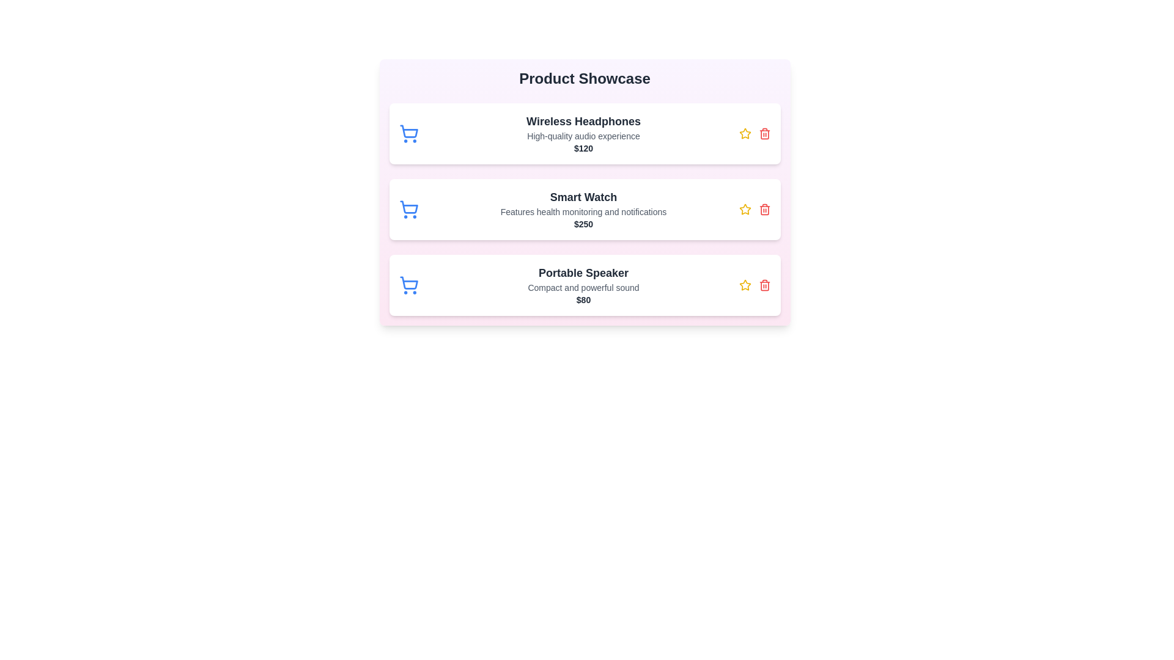  Describe the element at coordinates (764, 209) in the screenshot. I see `'Remove' button for the product named 'Smart Watch'` at that location.